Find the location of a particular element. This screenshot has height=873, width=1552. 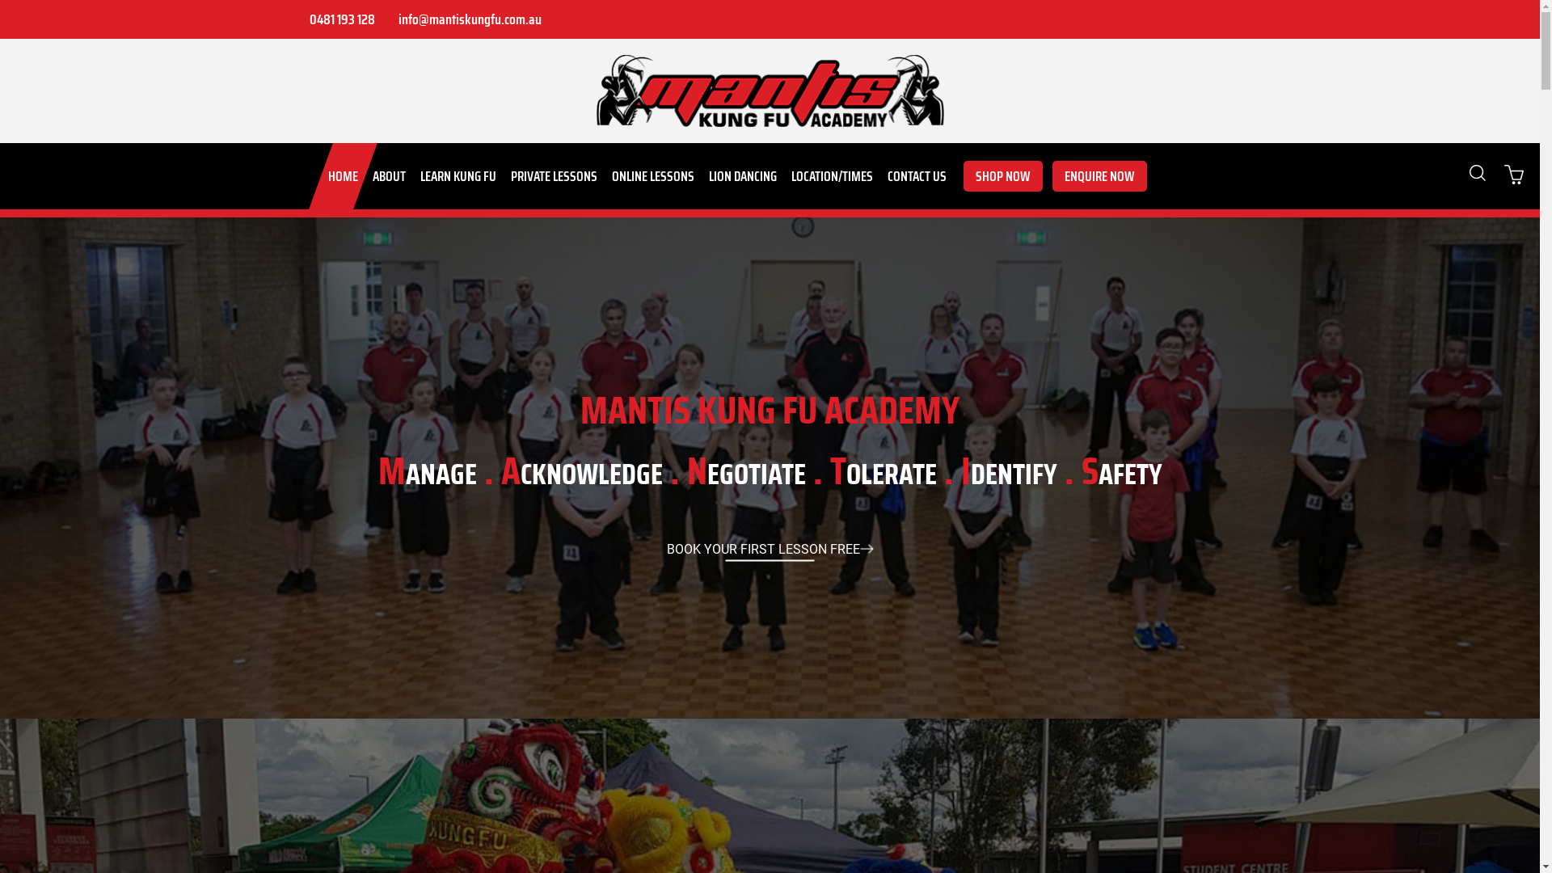

'HOME' is located at coordinates (341, 176).